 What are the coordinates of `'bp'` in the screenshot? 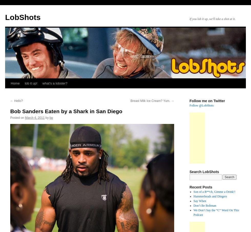 It's located at (51, 117).